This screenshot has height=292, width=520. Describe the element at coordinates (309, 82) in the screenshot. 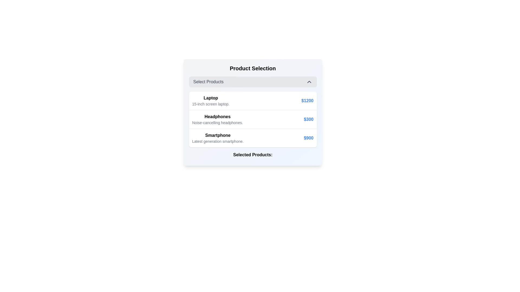

I see `the upward-pointing chevron icon located on the right-hand side of the 'Select Products' button` at that location.